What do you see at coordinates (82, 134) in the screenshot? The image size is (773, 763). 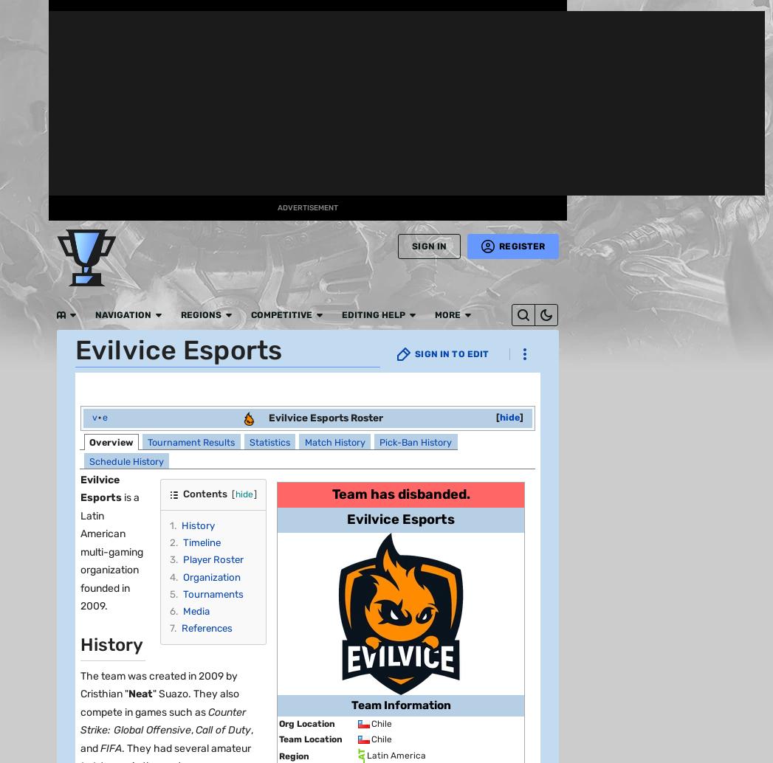 I see `'More Fandoms'` at bounding box center [82, 134].